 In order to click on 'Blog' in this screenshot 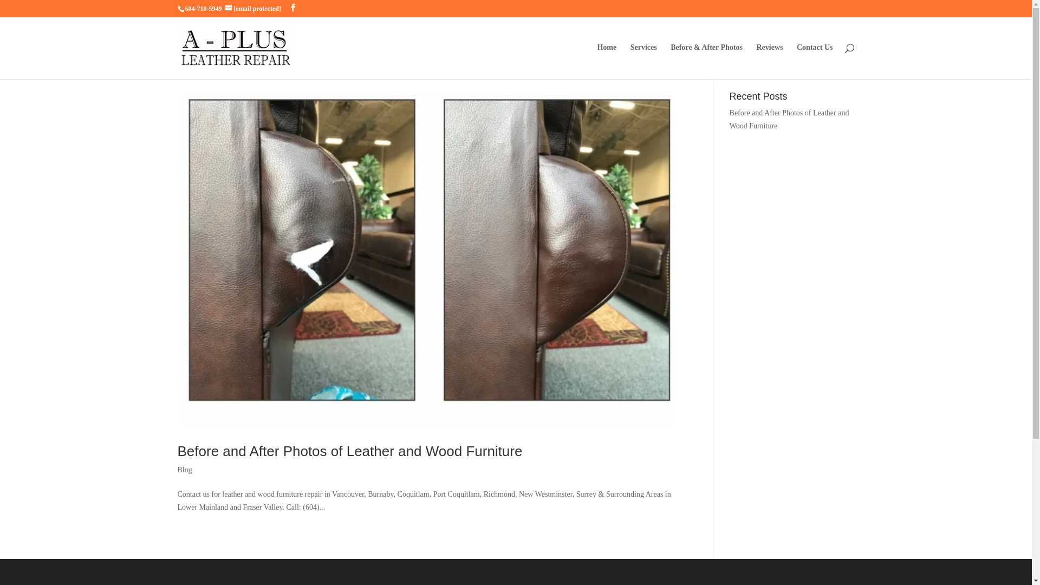, I will do `click(185, 469)`.